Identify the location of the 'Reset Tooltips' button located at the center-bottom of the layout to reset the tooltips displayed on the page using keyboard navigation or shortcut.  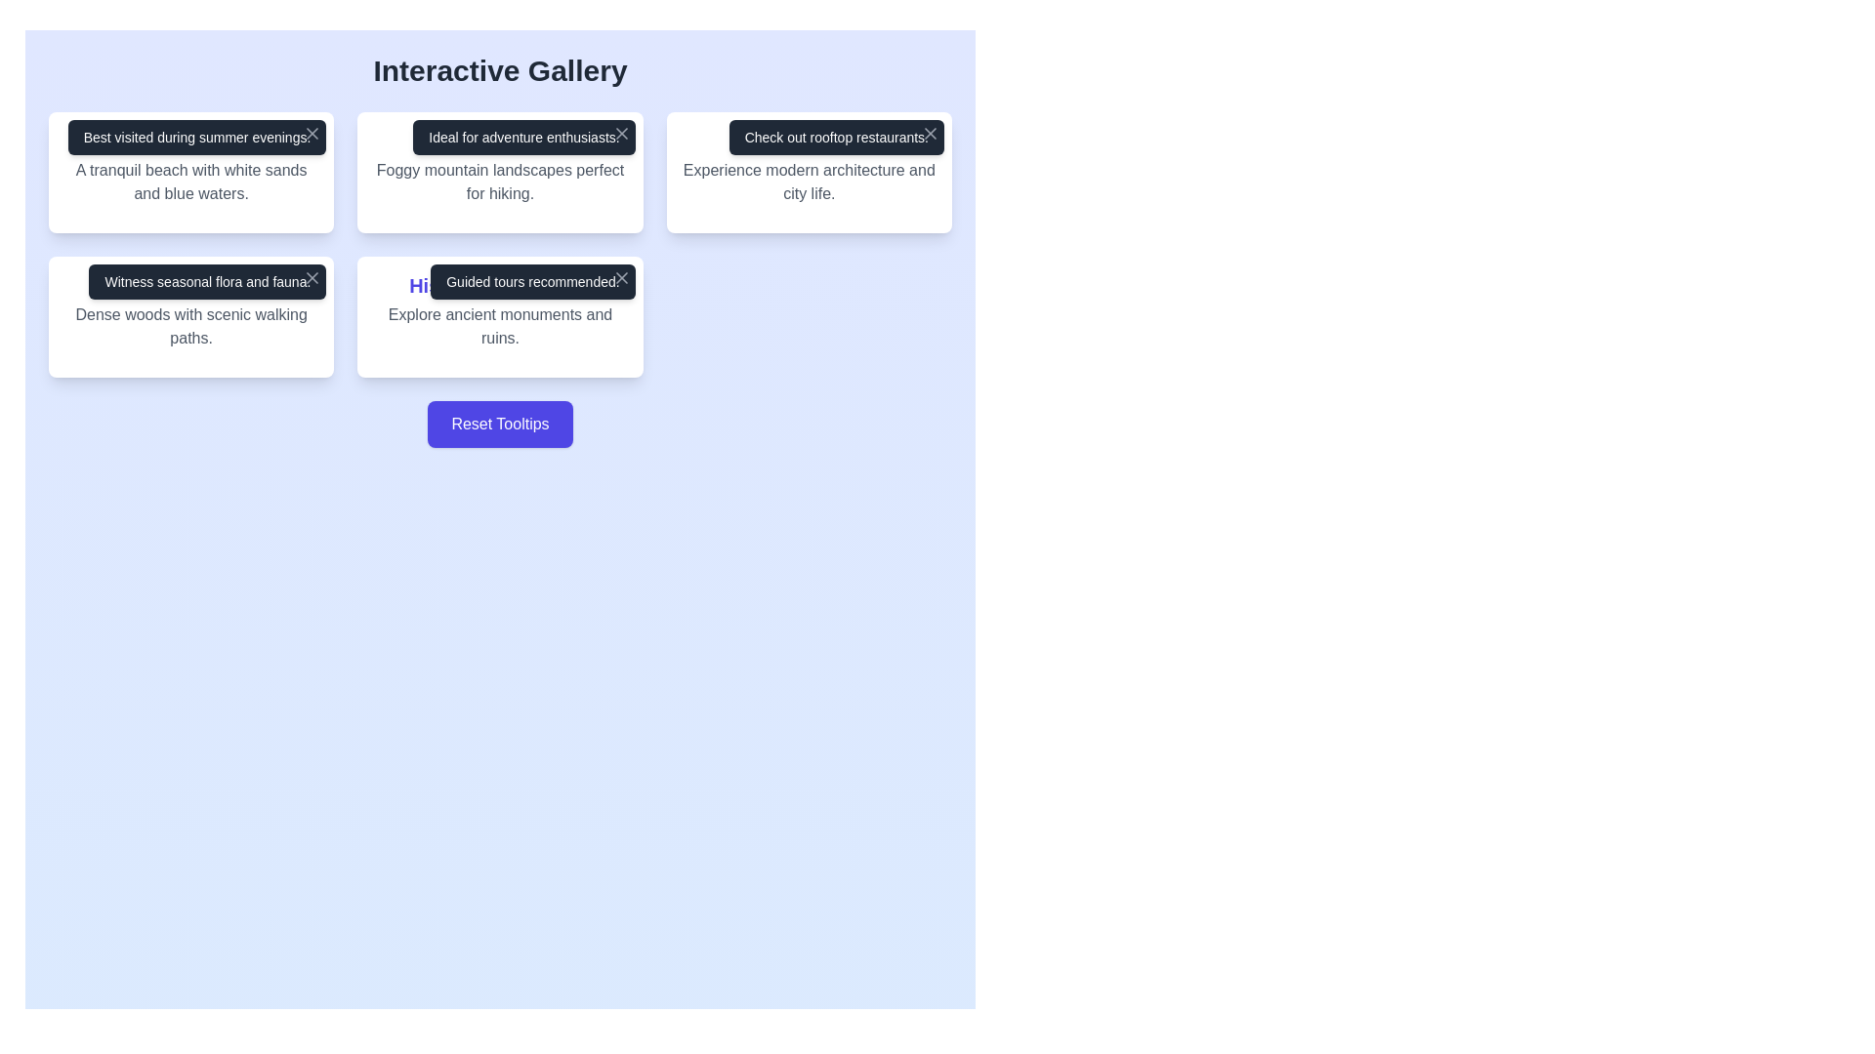
(500, 424).